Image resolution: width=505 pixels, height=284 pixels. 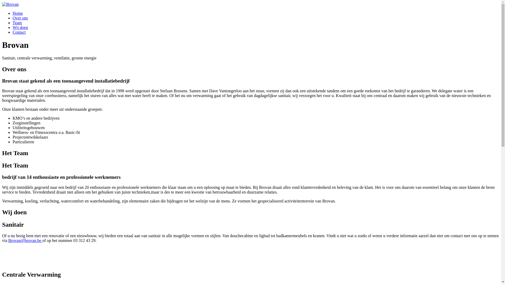 I want to click on 'Over ons', so click(x=20, y=18).